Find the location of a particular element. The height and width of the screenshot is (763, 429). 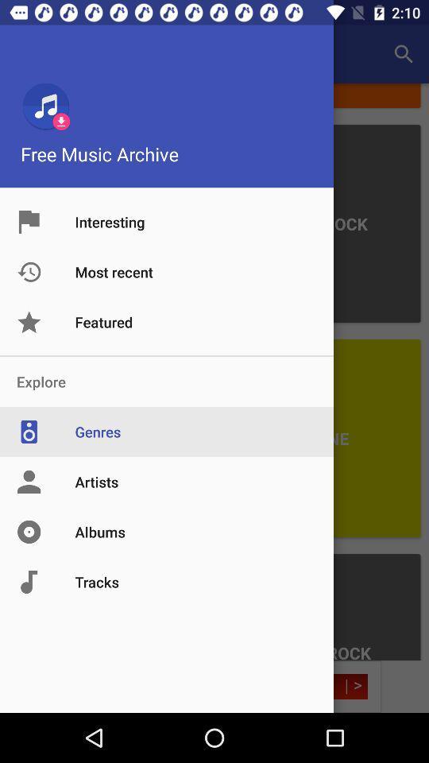

the icon at left side of albums is located at coordinates (45, 532).